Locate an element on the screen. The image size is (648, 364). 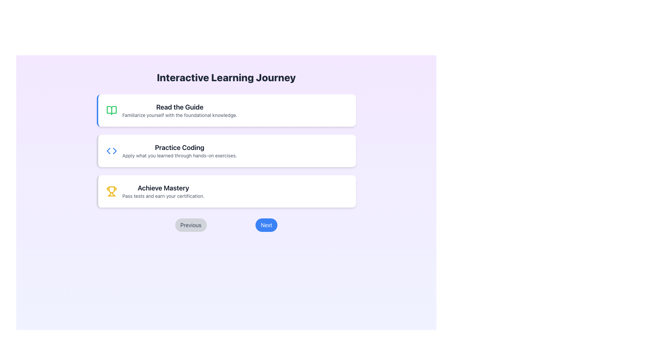
the green book-shaped SVG icon located at the top-left corner of the card, adjacent to the 'Read the Guide' text is located at coordinates (111, 110).